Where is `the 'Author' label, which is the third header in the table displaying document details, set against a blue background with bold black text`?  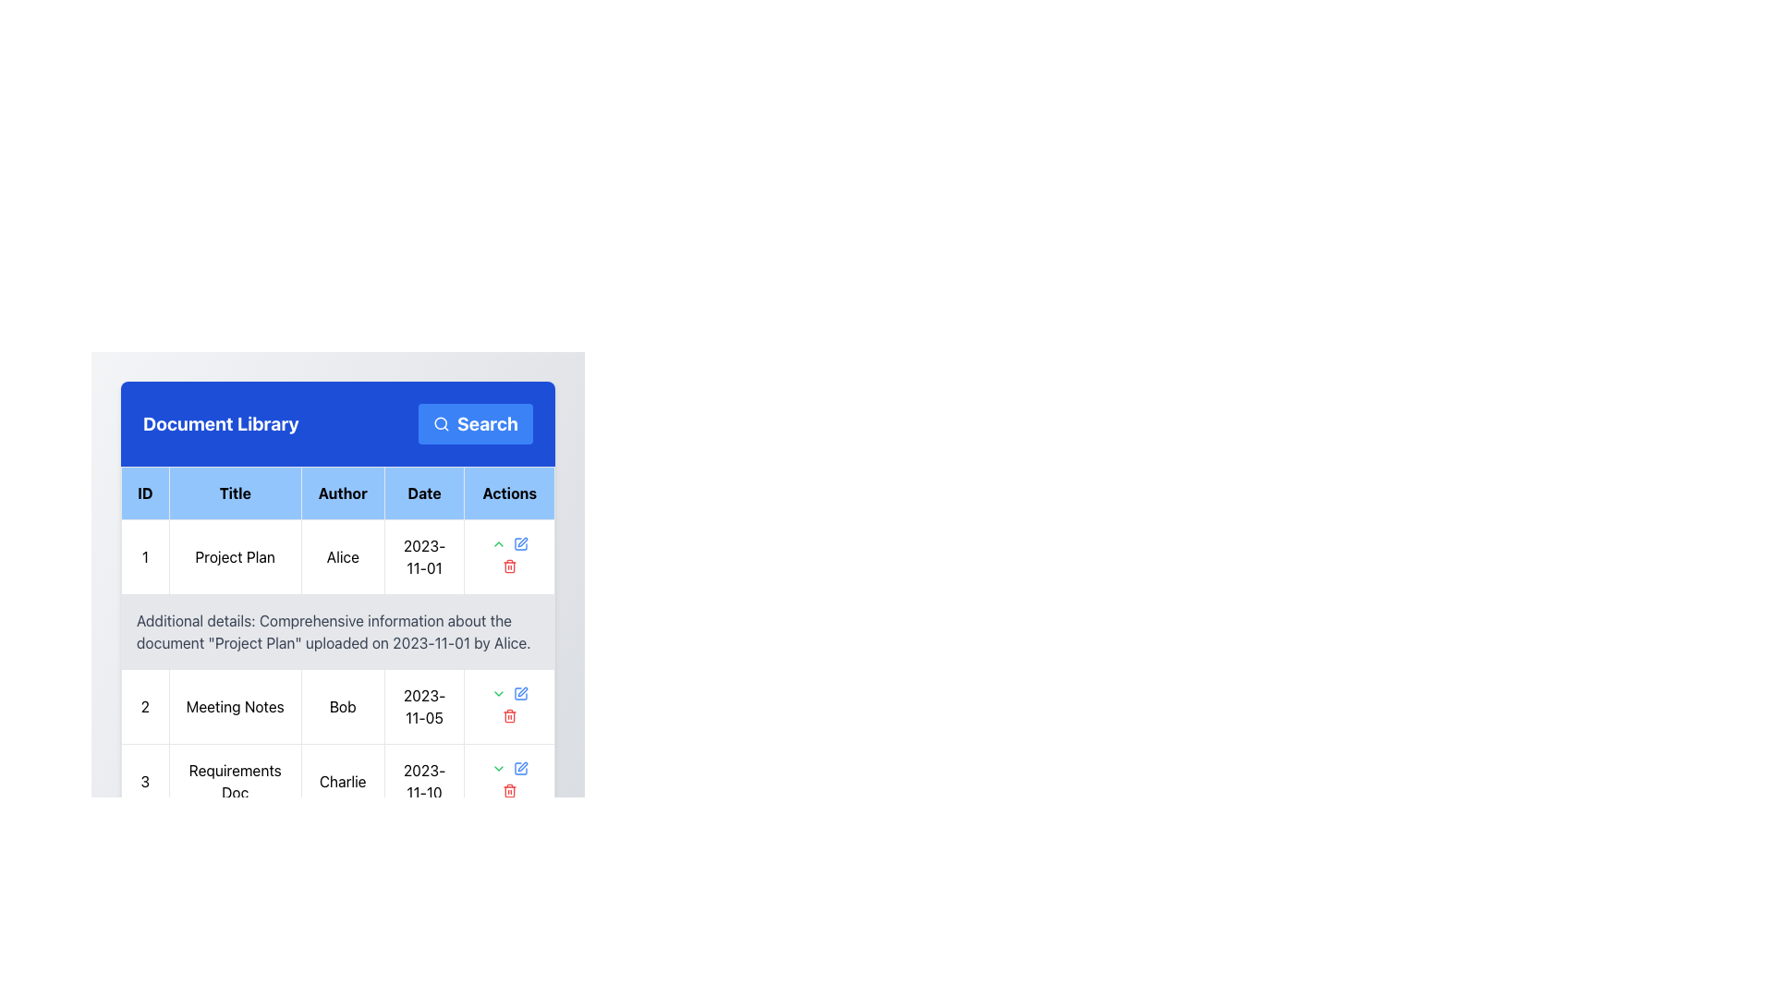
the 'Author' label, which is the third header in the table displaying document details, set against a blue background with bold black text is located at coordinates (343, 492).